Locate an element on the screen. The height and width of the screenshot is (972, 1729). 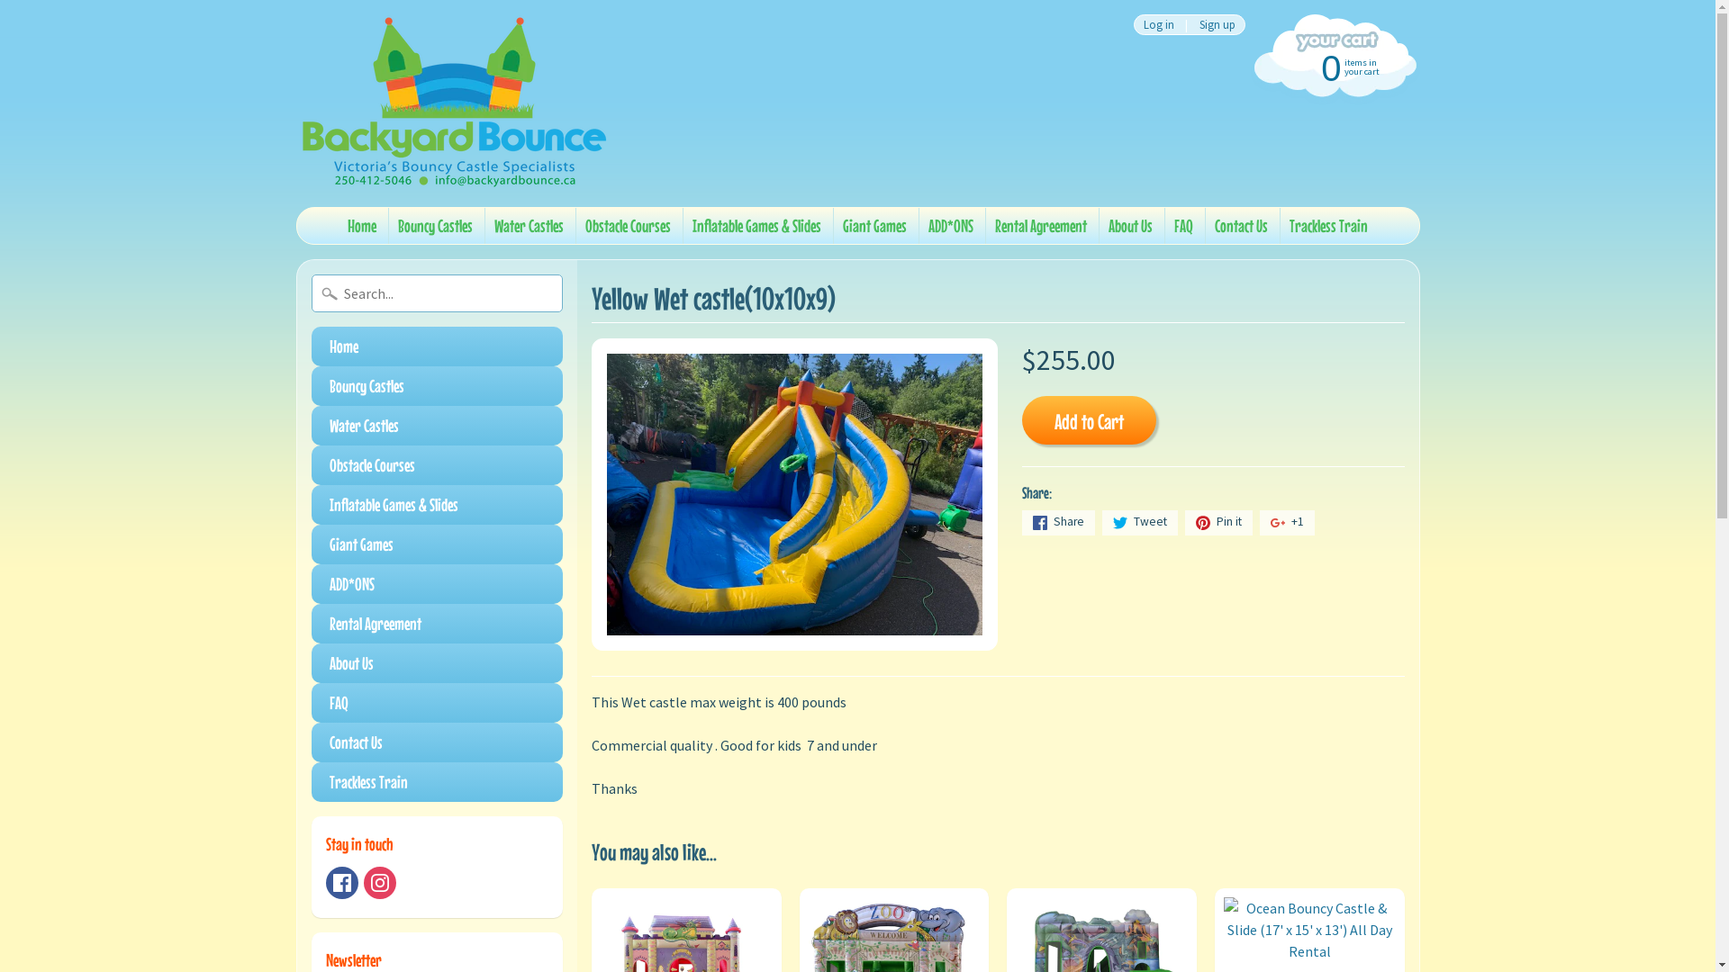
'Log in' is located at coordinates (1158, 24).